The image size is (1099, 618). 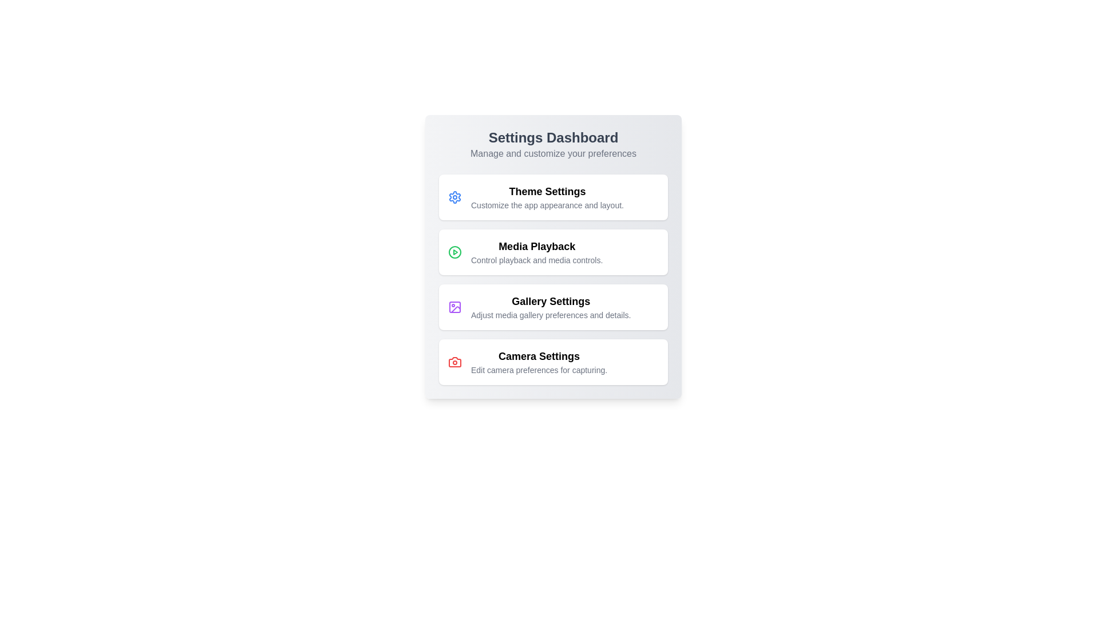 I want to click on text in the informative block that indicates the settings options related to the media gallery, located in the third segment of the Settings Dashboard between 'Media Playback' and 'Camera Settings', so click(x=551, y=306).